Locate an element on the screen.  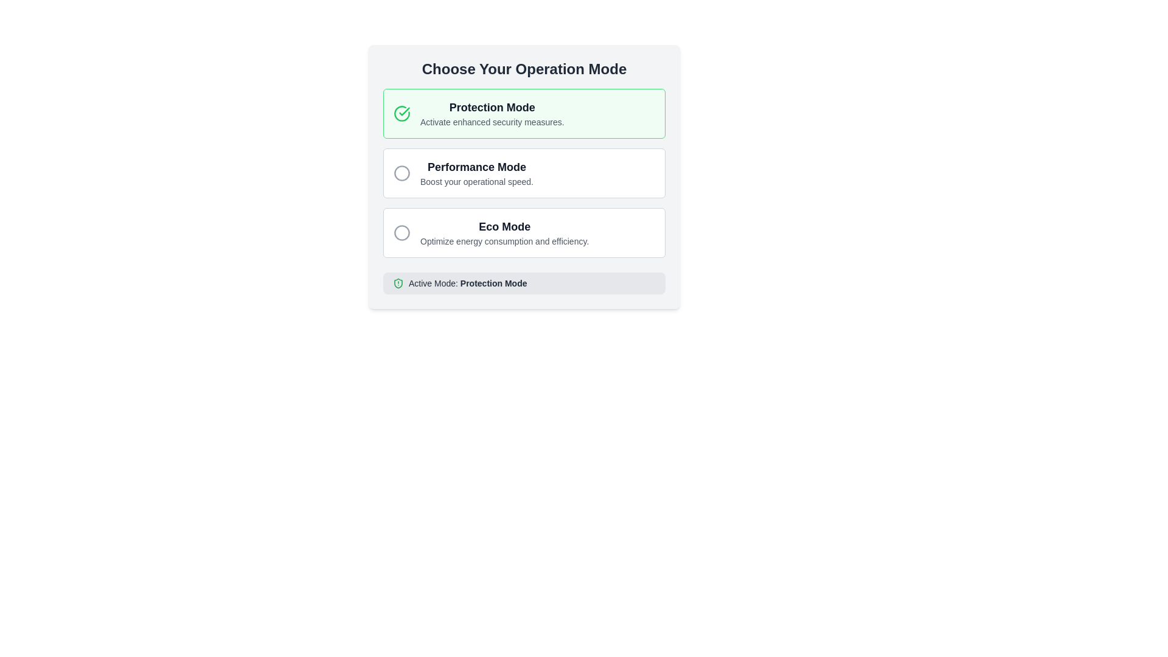
the 'Performance Mode' text block, which is the second option is located at coordinates (476, 173).